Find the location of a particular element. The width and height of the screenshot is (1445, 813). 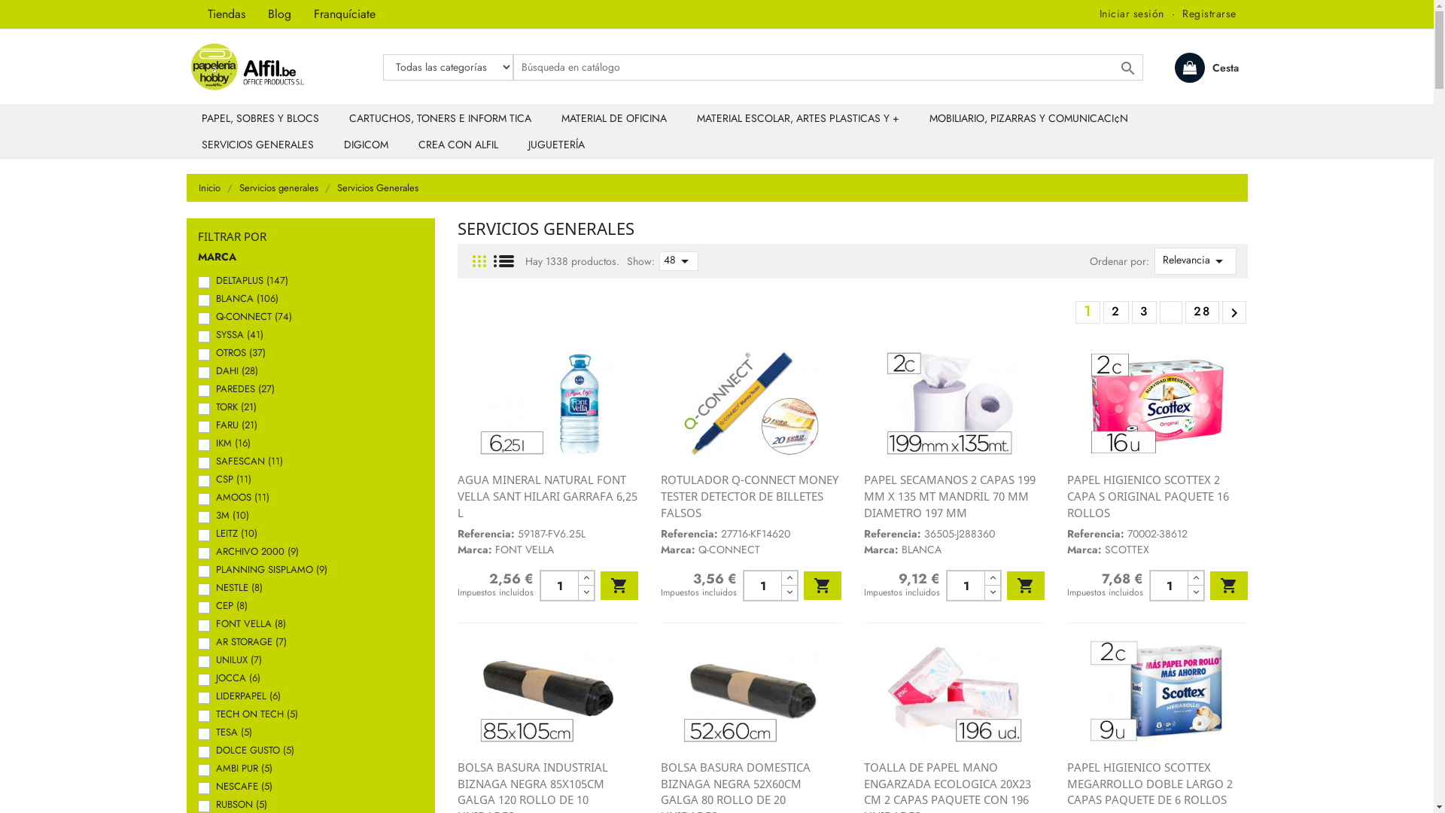

'CARTUCHOS, TONERS E INFORM TICA' is located at coordinates (440, 117).